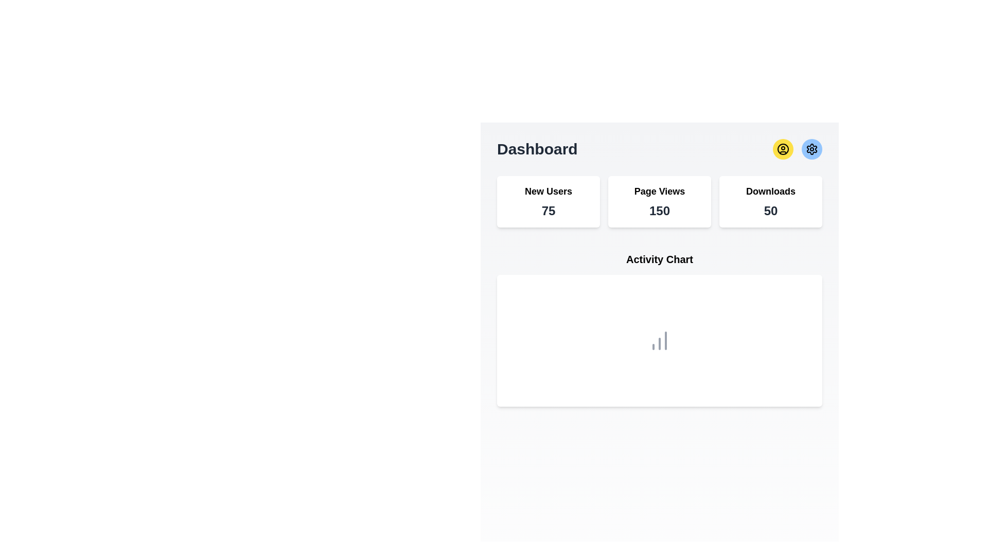 The height and width of the screenshot is (556, 988). What do you see at coordinates (811, 149) in the screenshot?
I see `the cogwheel icon located at the top-right corner of the interface` at bounding box center [811, 149].